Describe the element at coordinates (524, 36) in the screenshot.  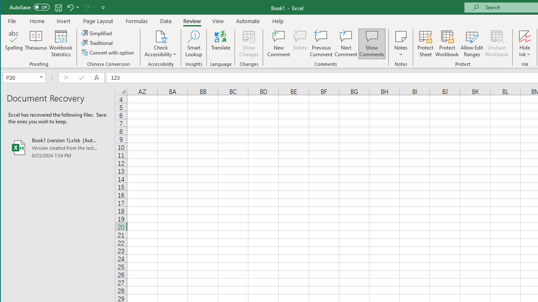
I see `'Hide Ink'` at that location.